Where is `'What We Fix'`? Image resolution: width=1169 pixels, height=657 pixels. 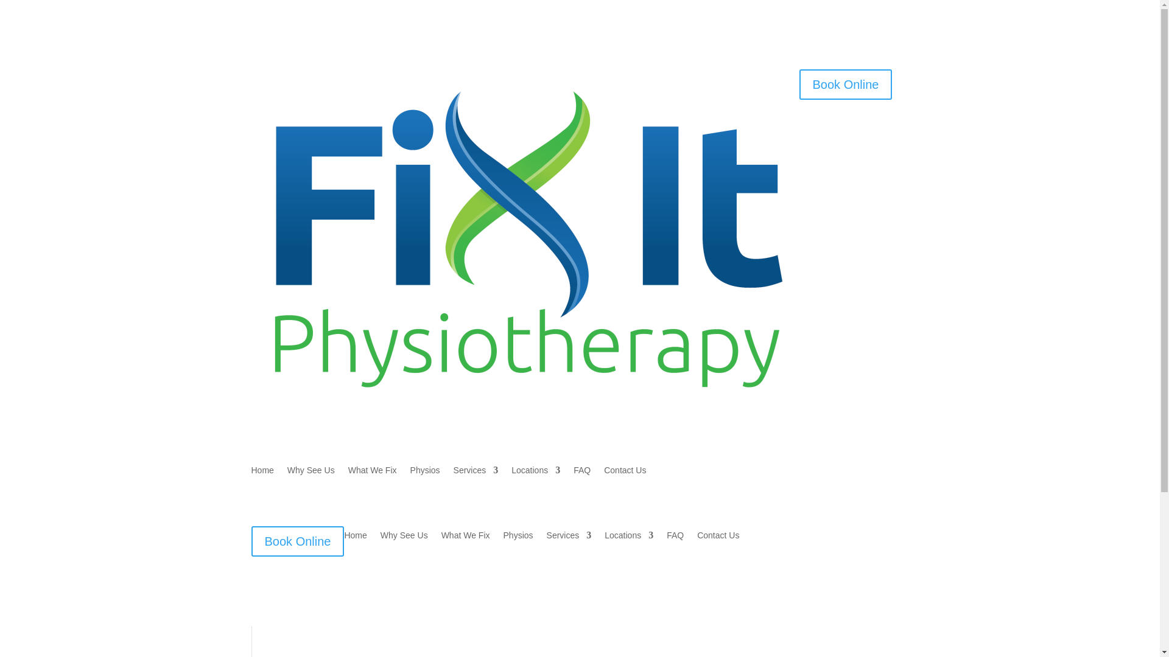 'What We Fix' is located at coordinates (465, 537).